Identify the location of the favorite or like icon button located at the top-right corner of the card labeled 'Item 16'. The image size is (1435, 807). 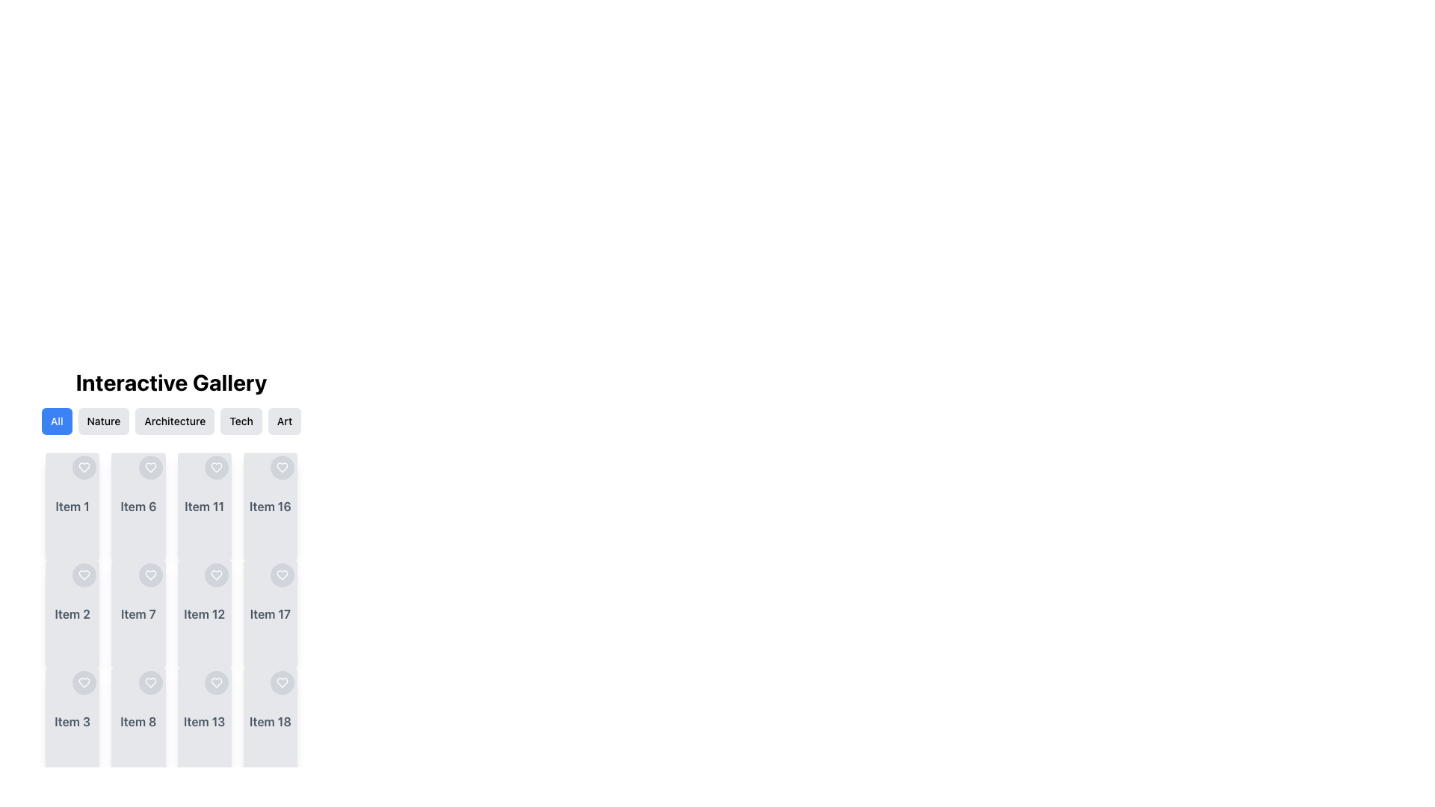
(283, 466).